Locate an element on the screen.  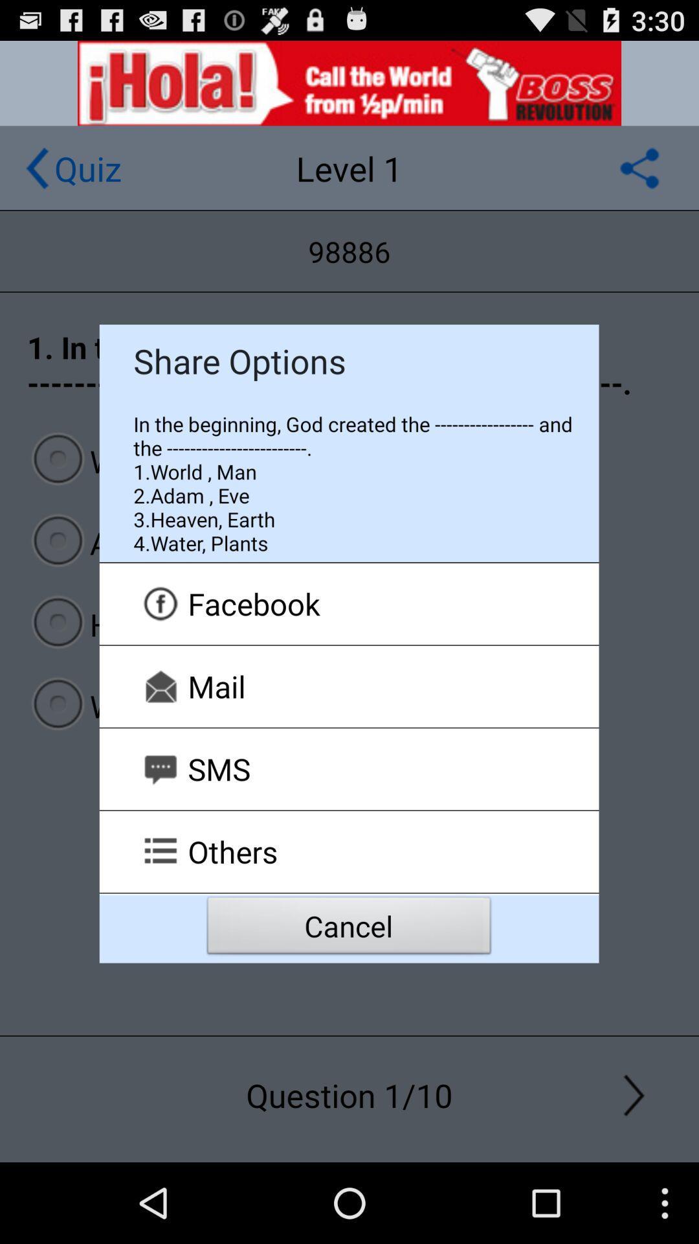
to share is located at coordinates (639, 167).